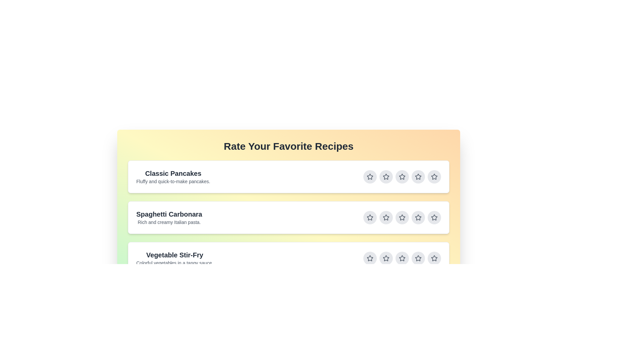 The width and height of the screenshot is (643, 361). Describe the element at coordinates (386, 258) in the screenshot. I see `the star button for rating 2 of the recipe Vegetable Stir-Fry` at that location.